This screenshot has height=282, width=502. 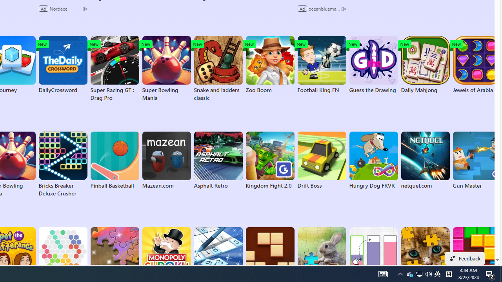 What do you see at coordinates (373, 160) in the screenshot?
I see `'Hungry Dog FRVR'` at bounding box center [373, 160].